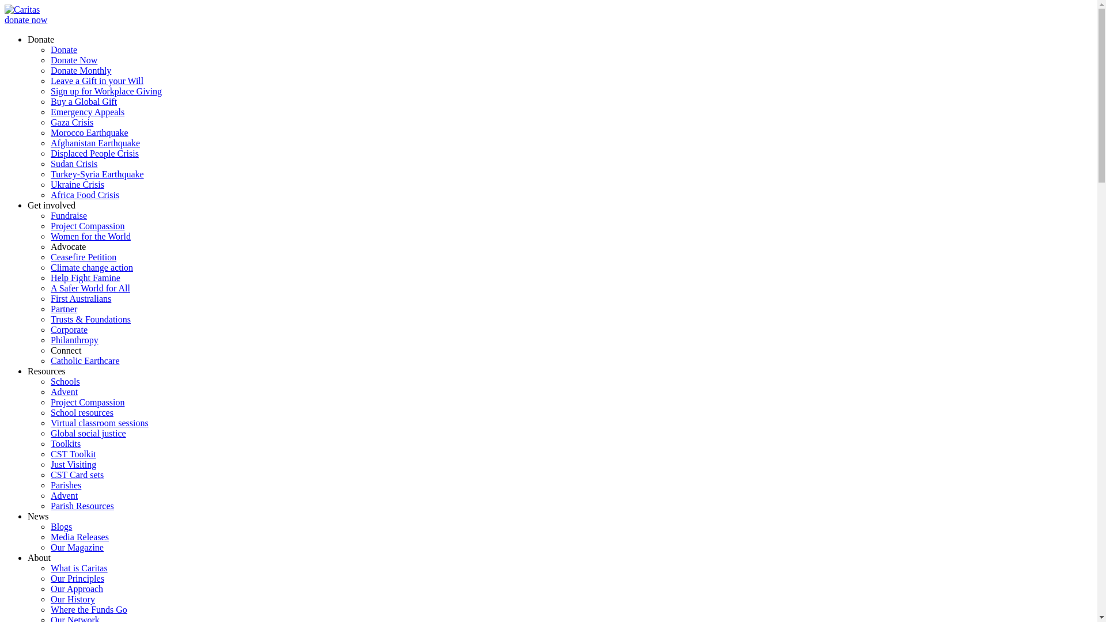 The image size is (1106, 622). What do you see at coordinates (90, 236) in the screenshot?
I see `'Women for the World'` at bounding box center [90, 236].